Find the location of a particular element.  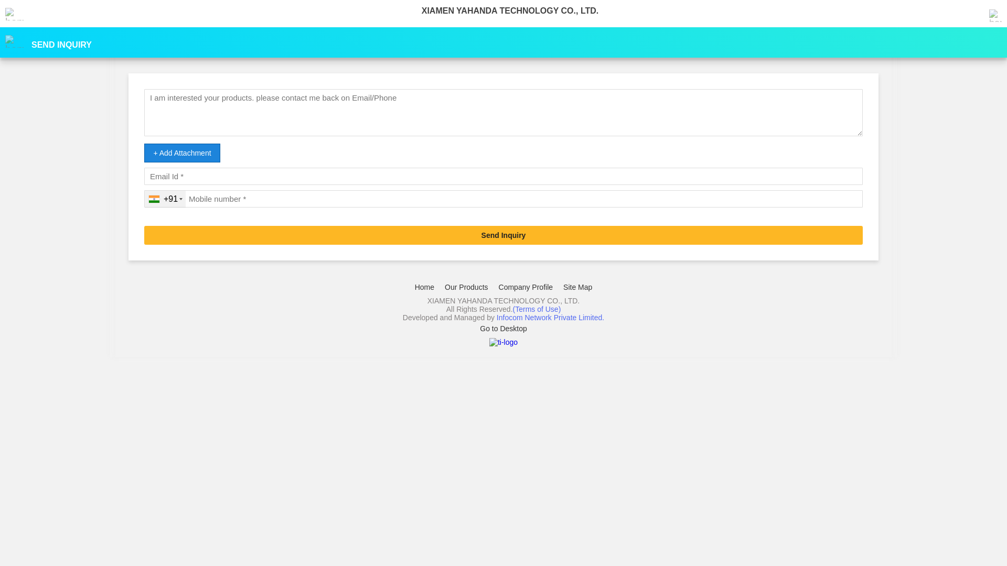

'Site Map' is located at coordinates (577, 287).